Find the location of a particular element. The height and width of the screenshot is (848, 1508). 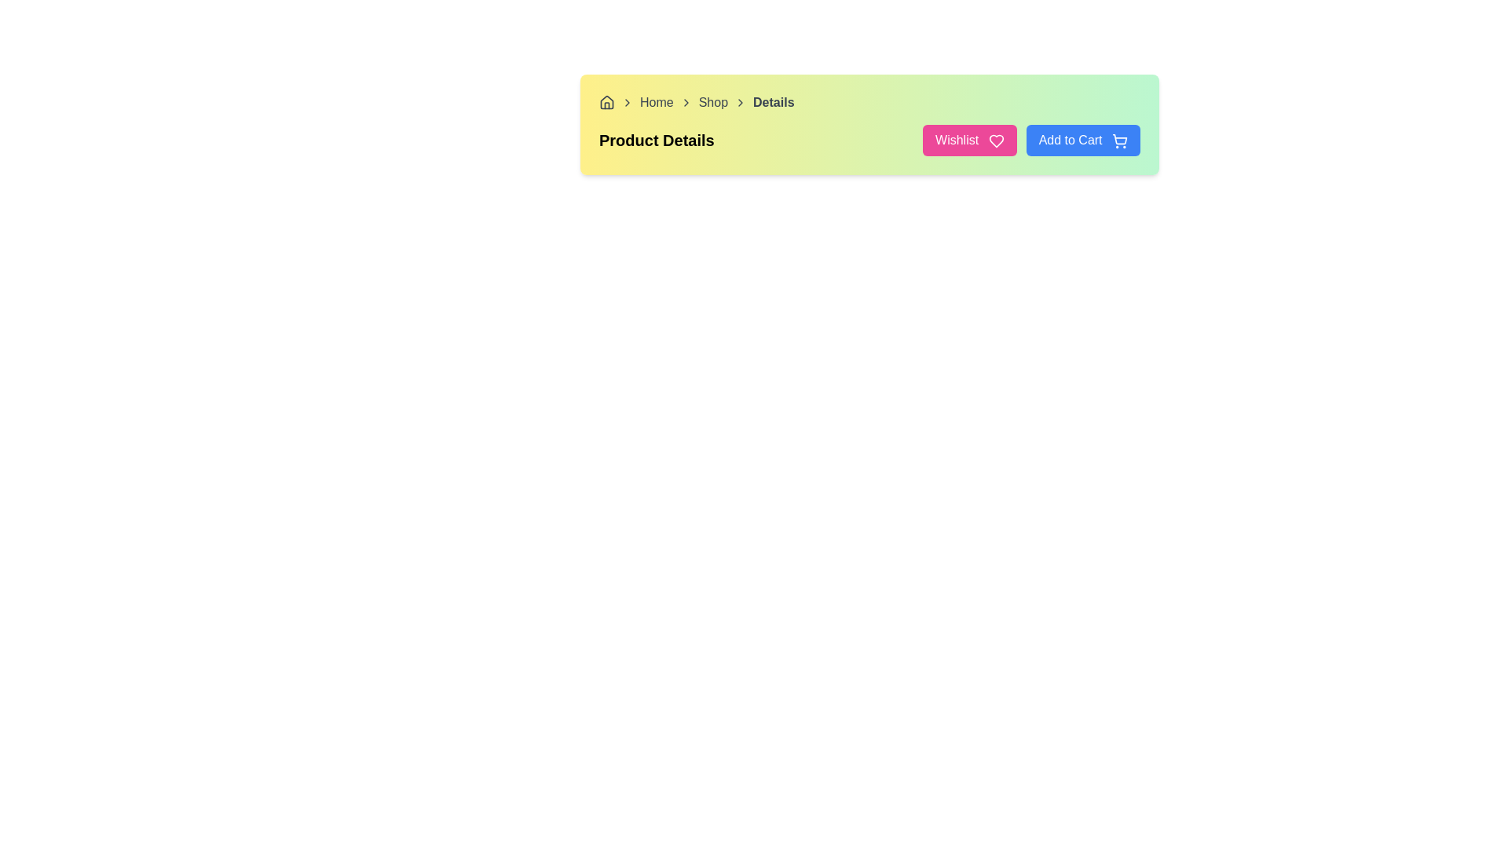

the text label that serves as a section title for product details, located on the left within a horizontal section of the interface is located at coordinates (657, 139).